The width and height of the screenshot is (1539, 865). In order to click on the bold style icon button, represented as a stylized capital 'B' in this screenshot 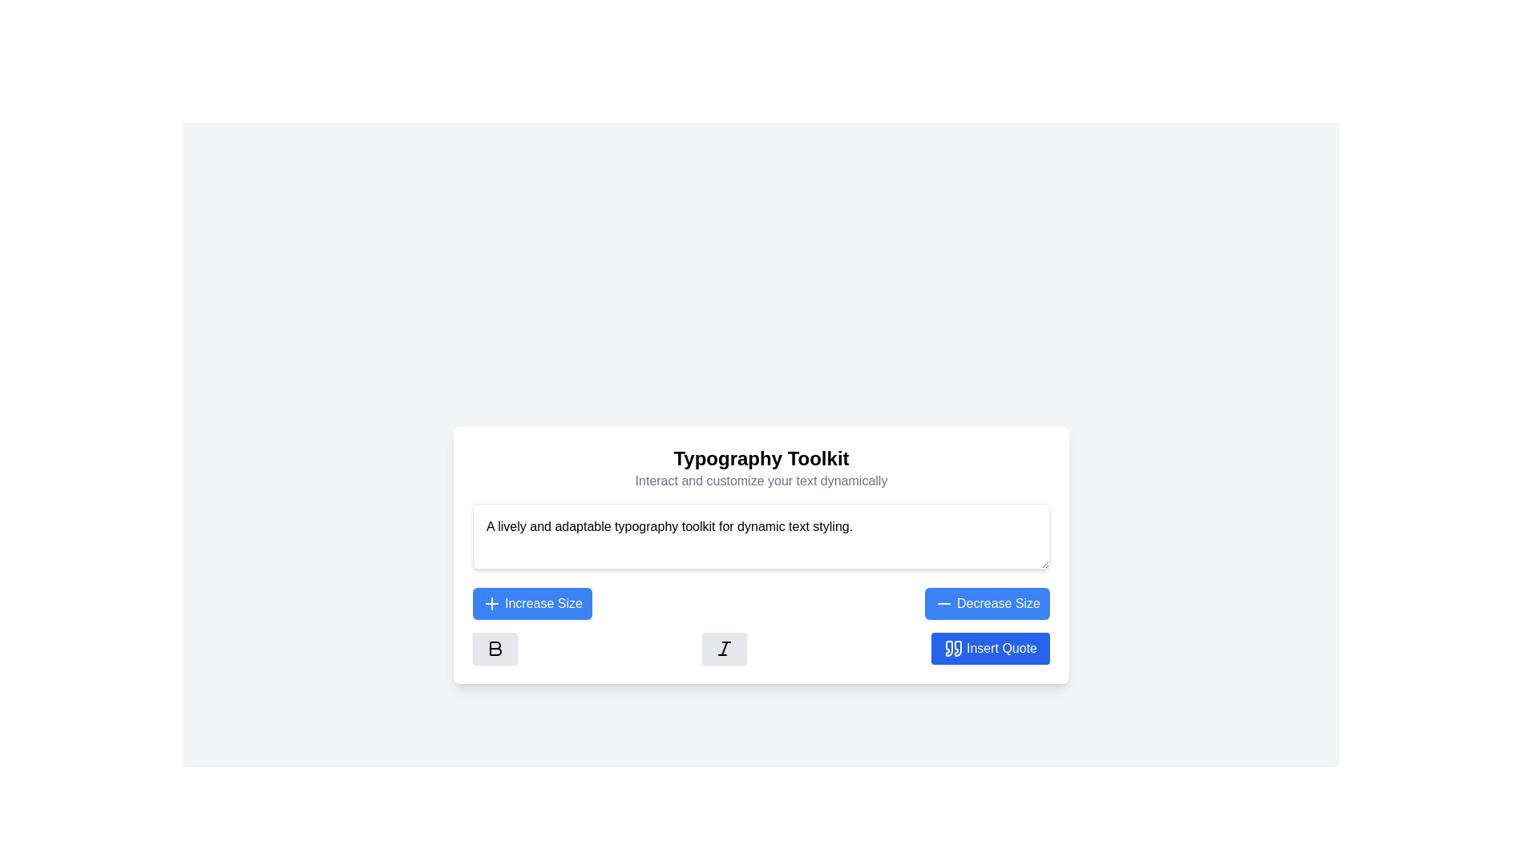, I will do `click(495, 647)`.